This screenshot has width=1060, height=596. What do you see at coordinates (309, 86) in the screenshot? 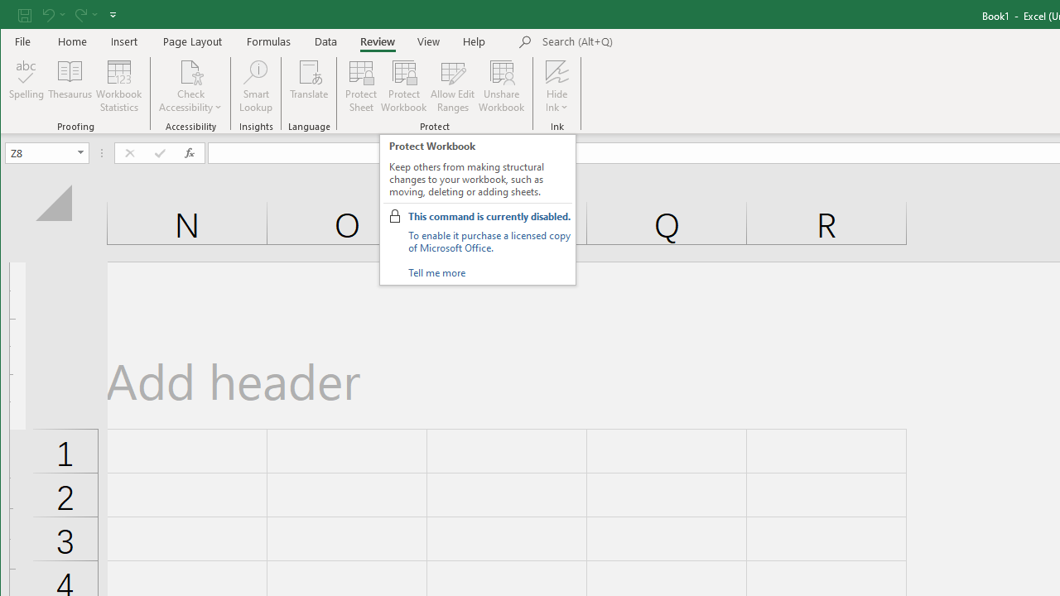
I see `'Translate'` at bounding box center [309, 86].